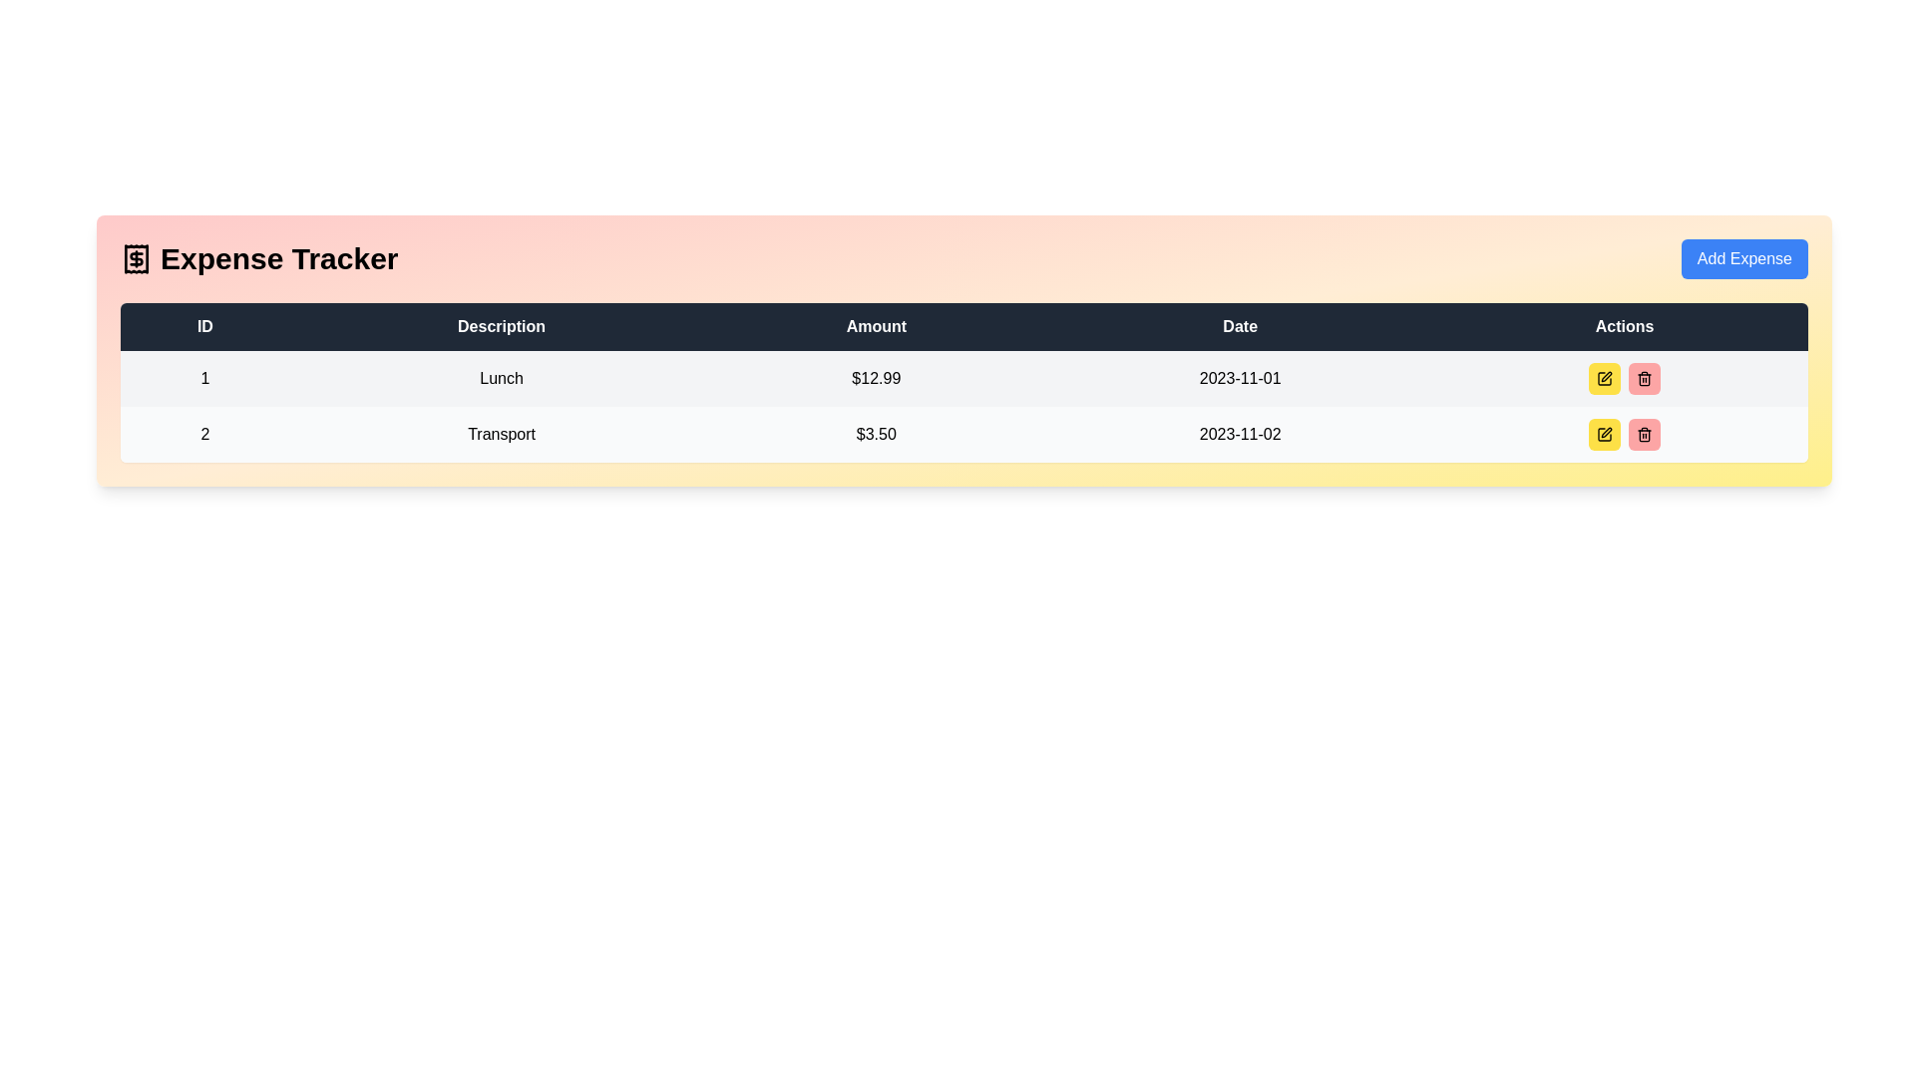 The image size is (1915, 1077). I want to click on the edit icon within the 'Actions' column of the second row in the table, so click(1604, 433).